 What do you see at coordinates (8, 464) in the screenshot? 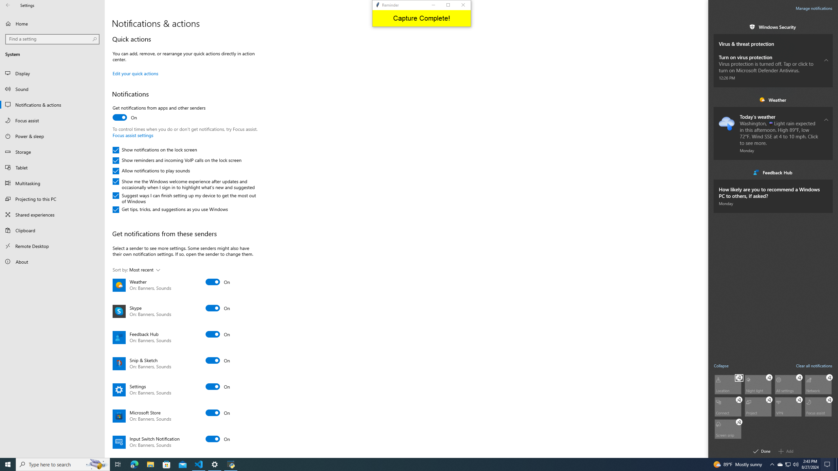
I see `'Start'` at bounding box center [8, 464].